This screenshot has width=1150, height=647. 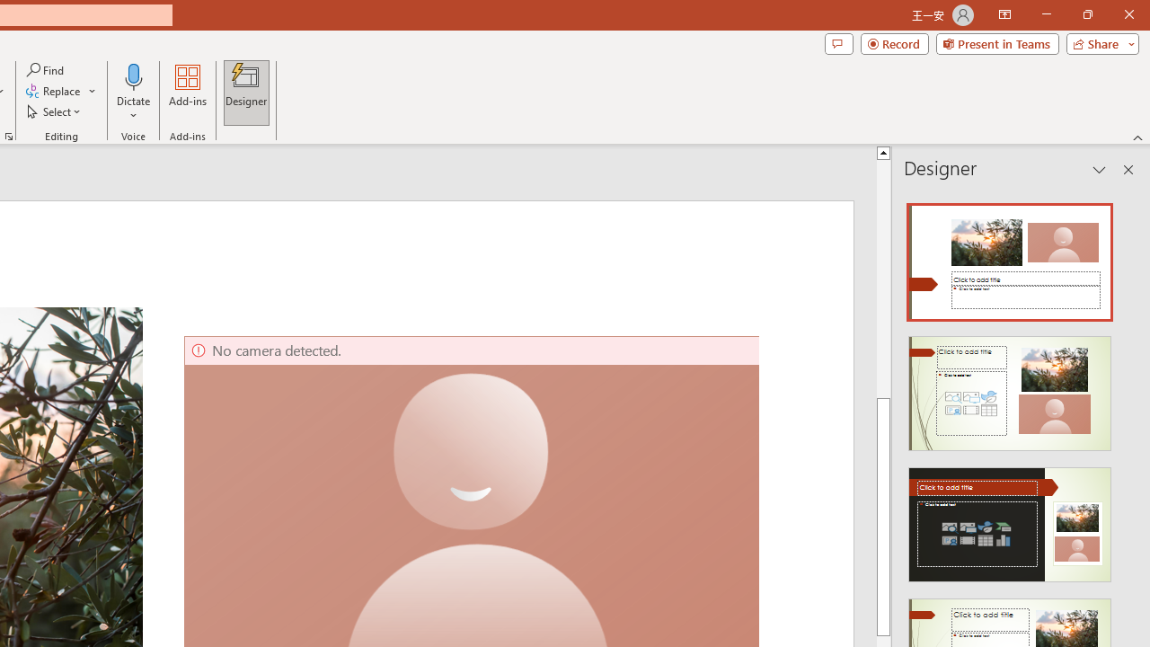 I want to click on 'Recommended Design: Design Idea', so click(x=1010, y=257).